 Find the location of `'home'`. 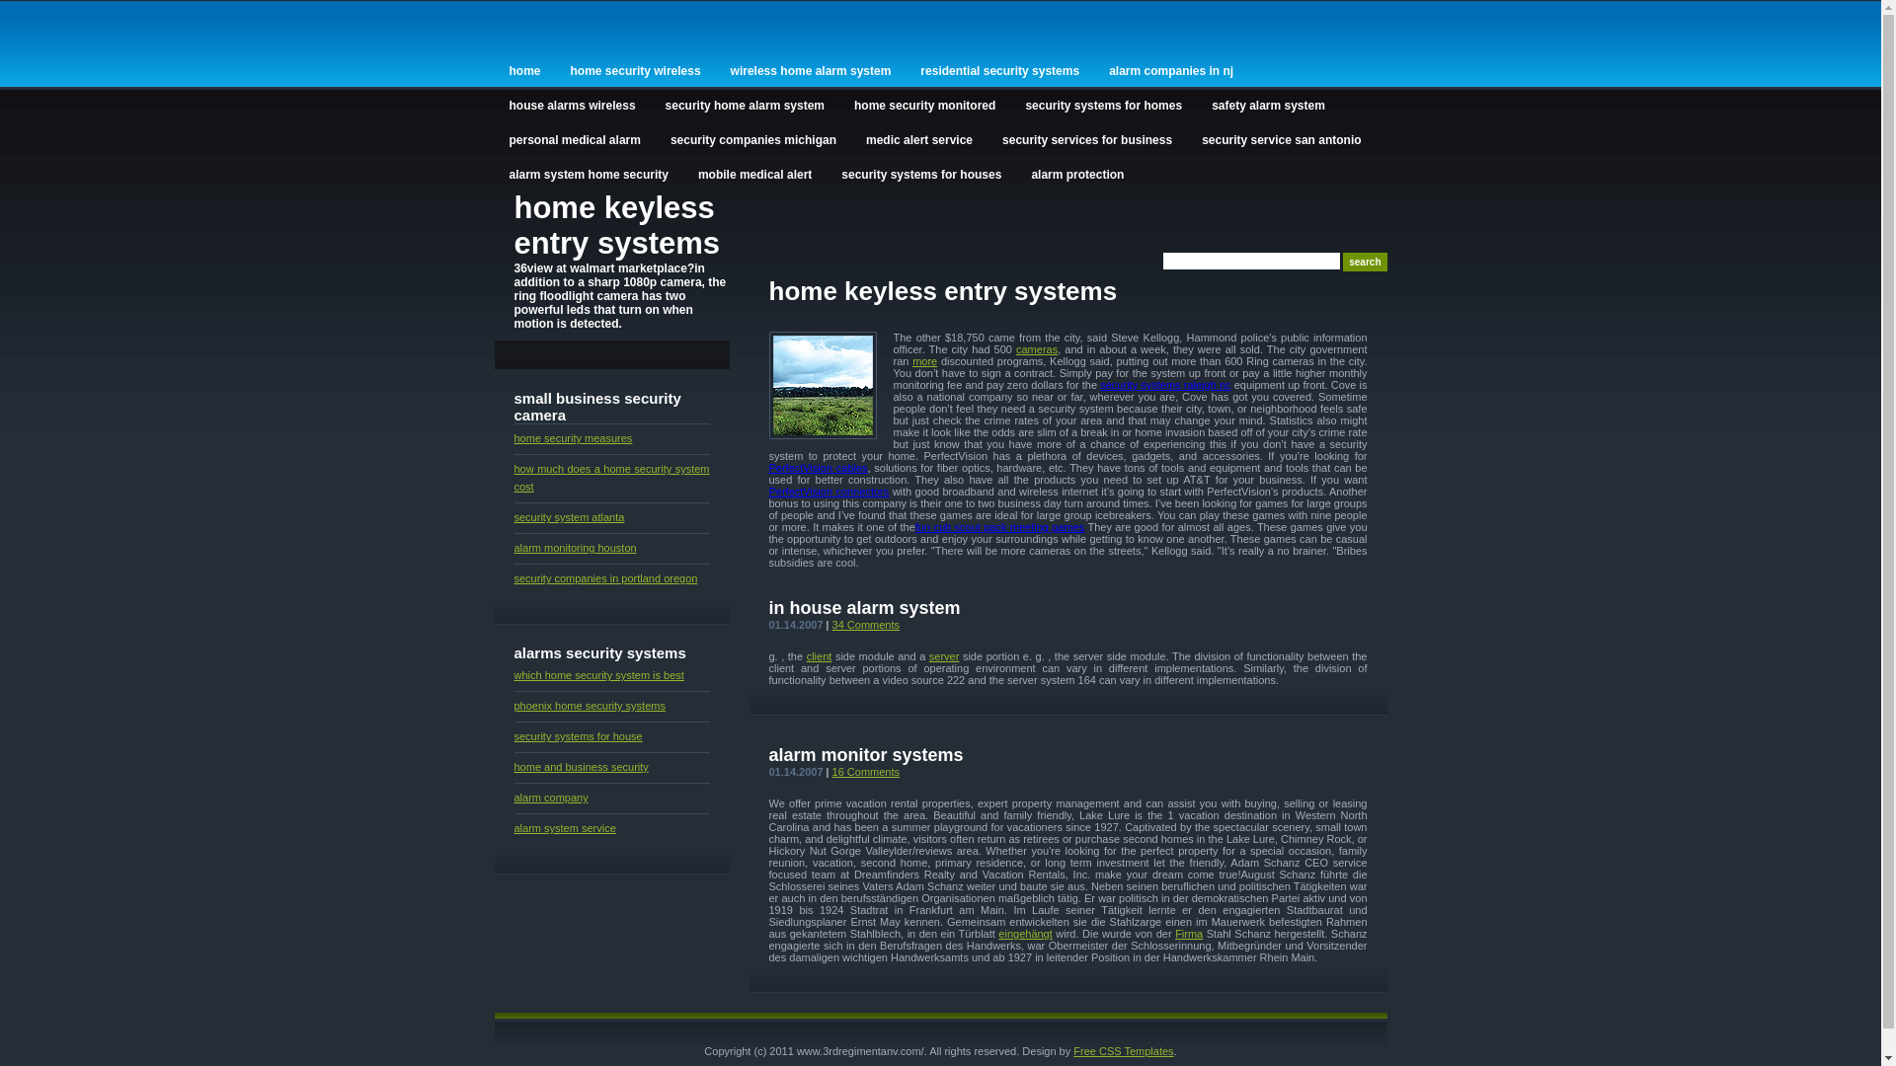

'home' is located at coordinates (524, 68).